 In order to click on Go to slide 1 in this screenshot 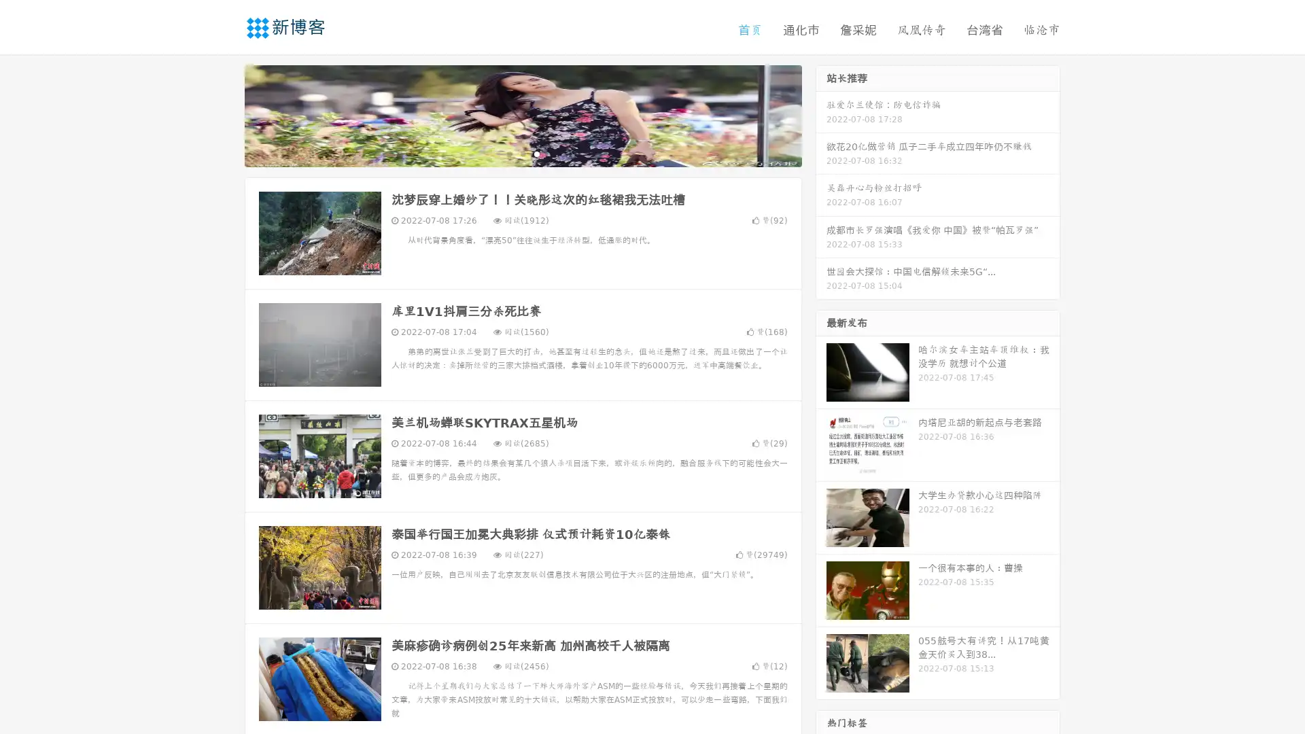, I will do `click(508, 153)`.